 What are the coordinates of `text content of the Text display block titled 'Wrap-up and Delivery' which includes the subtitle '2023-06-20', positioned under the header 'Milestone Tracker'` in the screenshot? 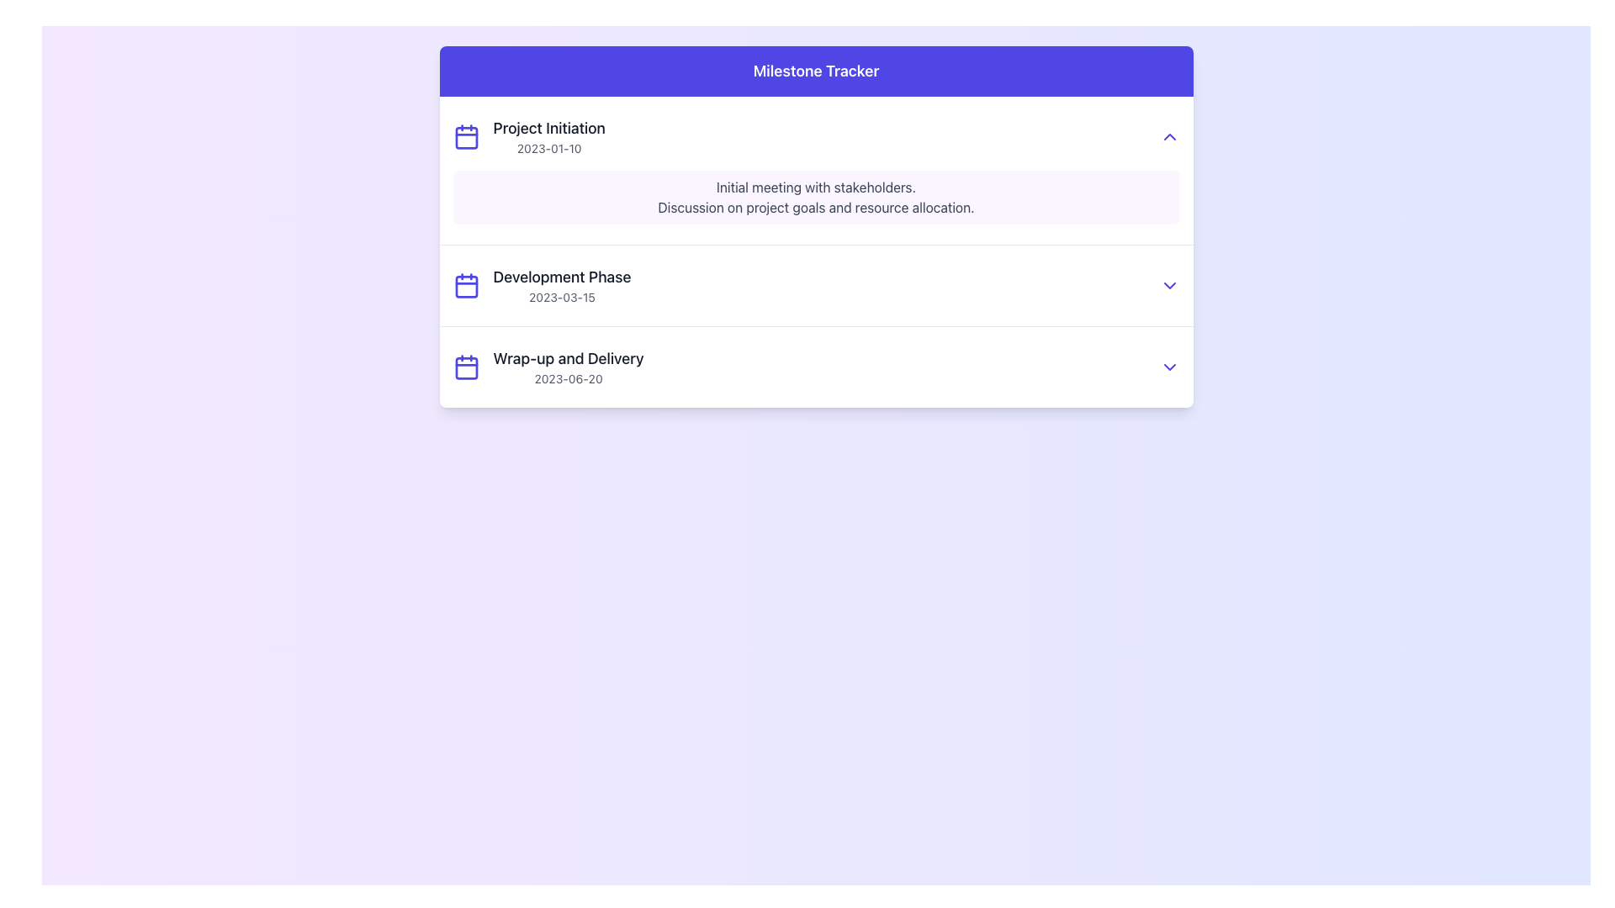 It's located at (569, 366).